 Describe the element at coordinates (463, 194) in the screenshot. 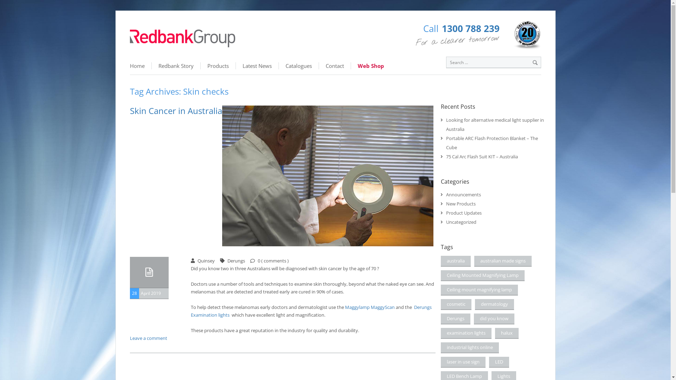

I see `'Announcements'` at that location.